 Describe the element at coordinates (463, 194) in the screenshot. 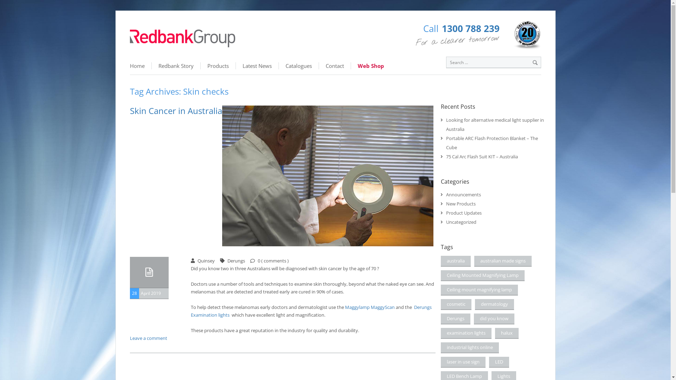

I see `'Announcements'` at that location.